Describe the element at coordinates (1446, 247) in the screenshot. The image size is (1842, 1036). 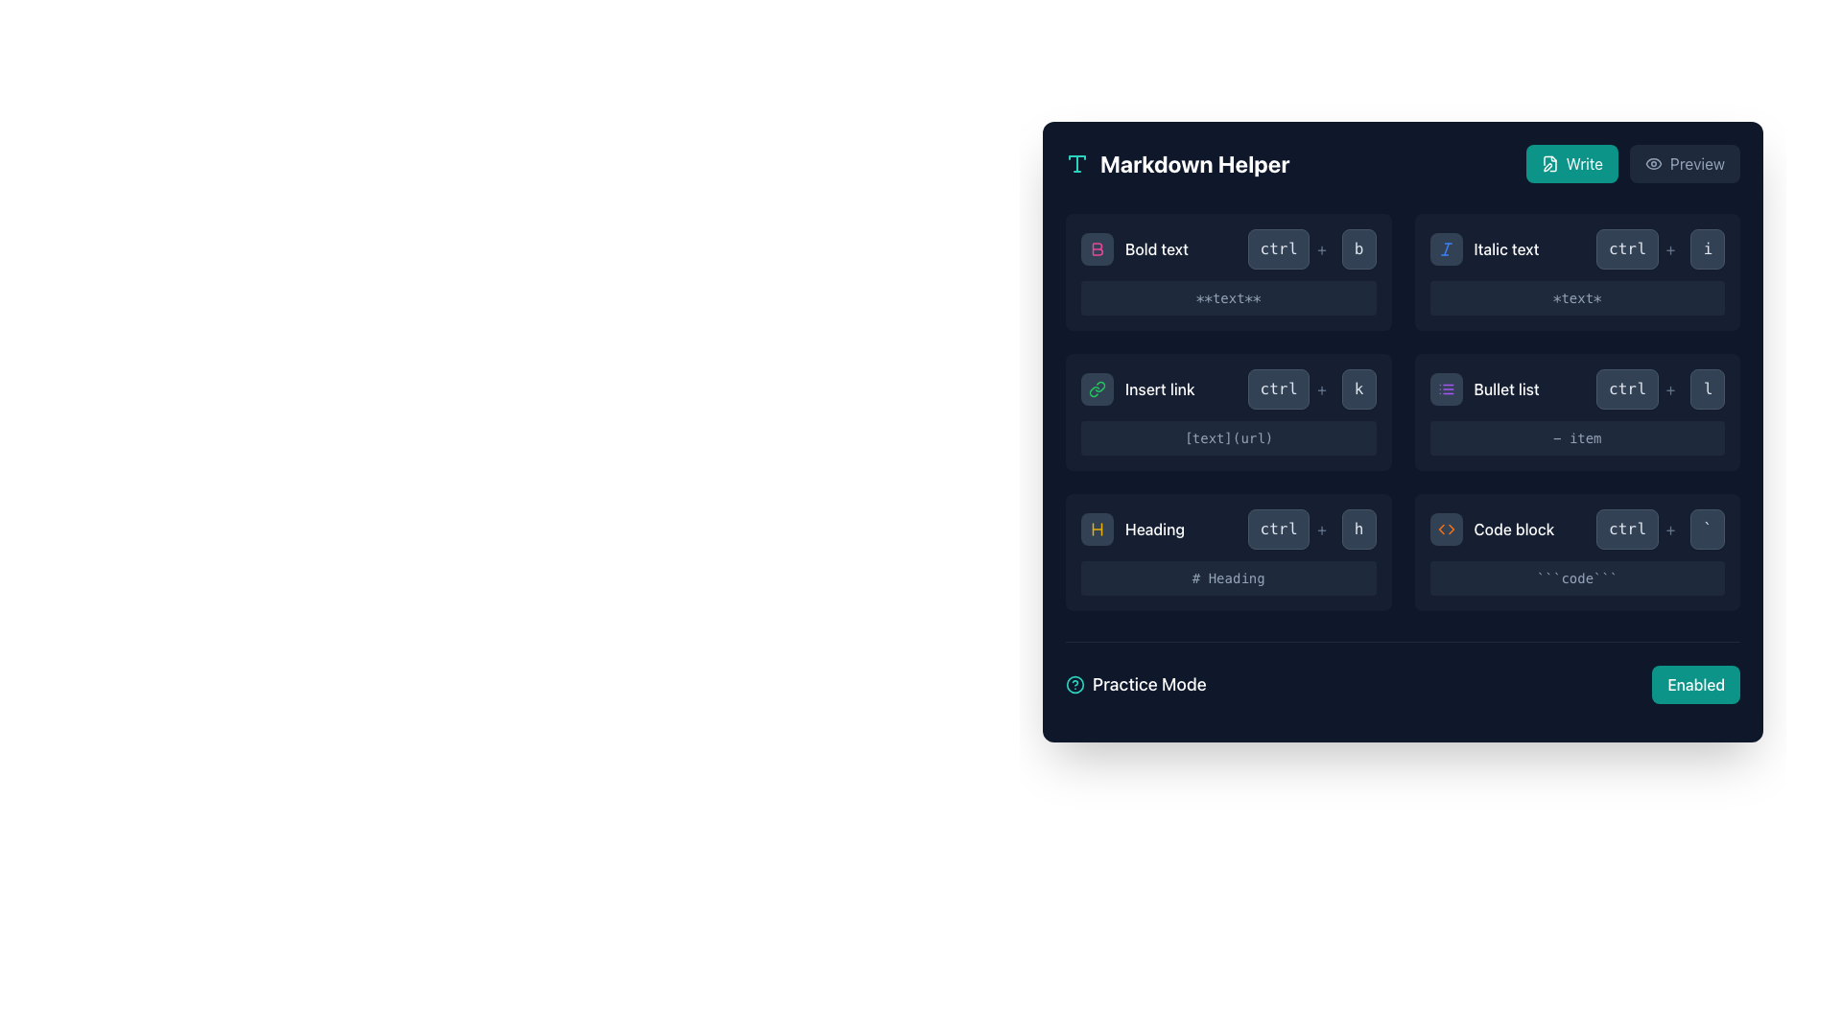
I see `the italic text icon, represented by a slanted 'I', located within the 'Italic text' button in the 'Markdown Helper' panel` at that location.